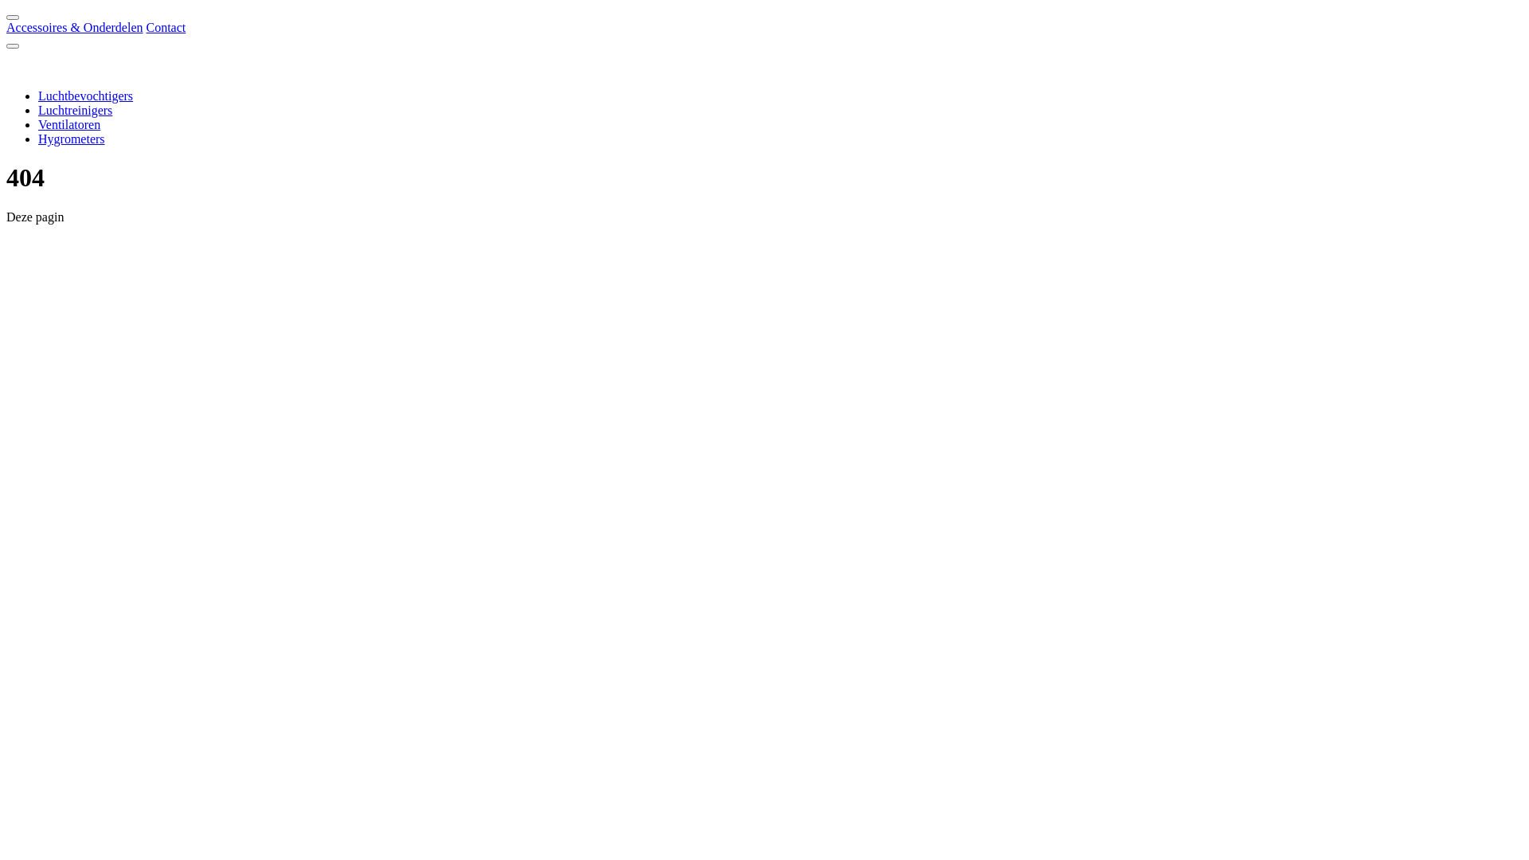 The width and height of the screenshot is (1529, 860). What do you see at coordinates (74, 27) in the screenshot?
I see `'Accessoires & Onderdelen'` at bounding box center [74, 27].